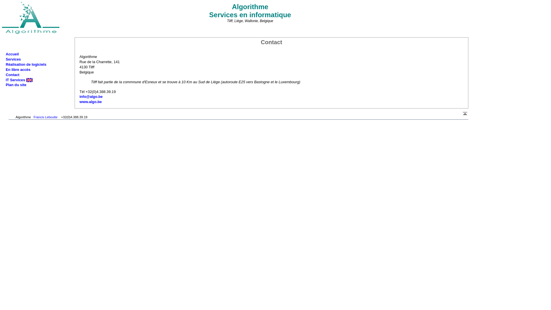 The image size is (551, 310). What do you see at coordinates (13, 59) in the screenshot?
I see `'Services'` at bounding box center [13, 59].